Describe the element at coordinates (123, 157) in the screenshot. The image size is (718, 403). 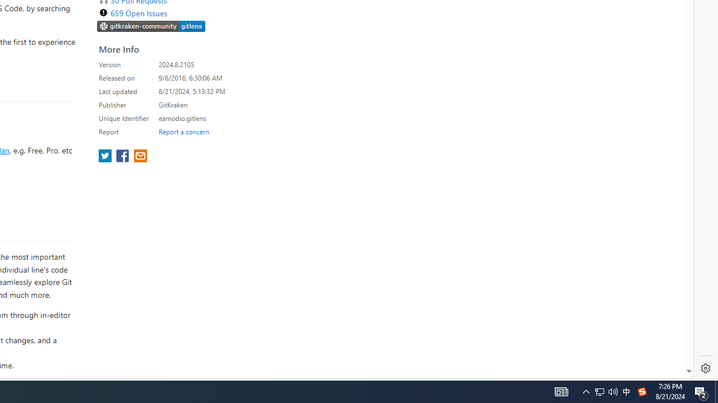
I see `'share extension on facebook'` at that location.